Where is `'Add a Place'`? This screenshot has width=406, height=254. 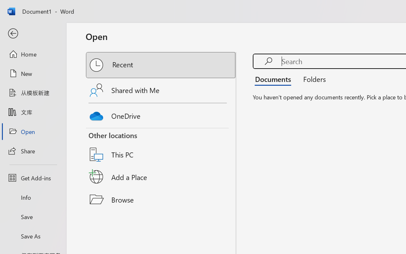 'Add a Place' is located at coordinates (161, 177).